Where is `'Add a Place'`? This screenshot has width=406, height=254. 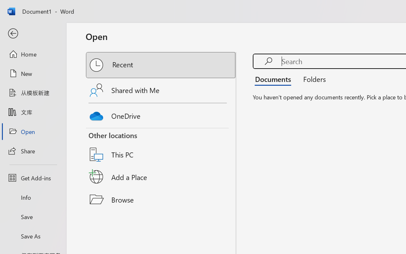 'Add a Place' is located at coordinates (161, 177).